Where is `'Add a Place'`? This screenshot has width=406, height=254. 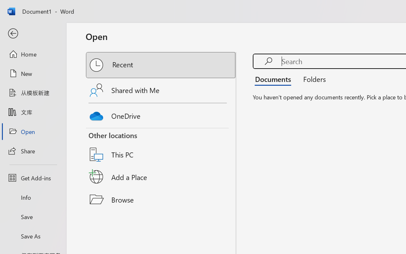 'Add a Place' is located at coordinates (161, 177).